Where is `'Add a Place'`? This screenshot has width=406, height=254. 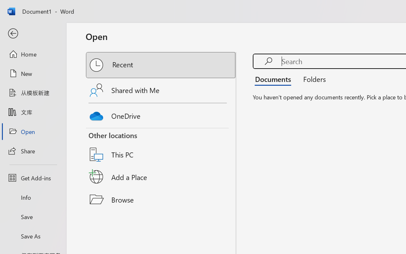 'Add a Place' is located at coordinates (161, 177).